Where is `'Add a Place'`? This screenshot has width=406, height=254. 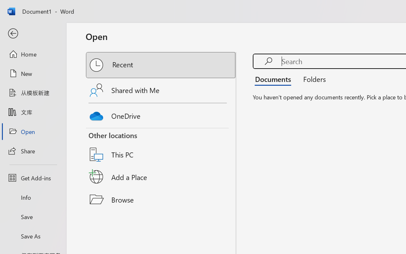 'Add a Place' is located at coordinates (161, 177).